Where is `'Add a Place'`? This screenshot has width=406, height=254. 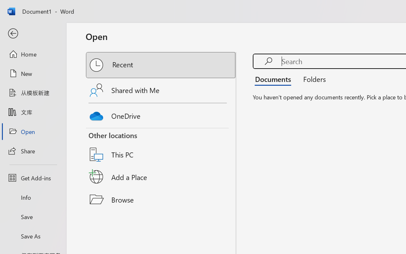 'Add a Place' is located at coordinates (161, 177).